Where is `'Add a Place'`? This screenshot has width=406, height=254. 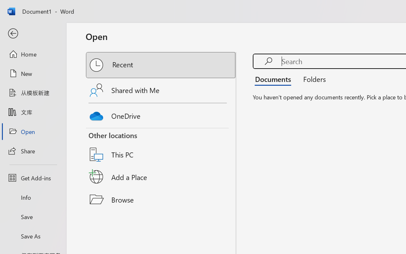 'Add a Place' is located at coordinates (161, 177).